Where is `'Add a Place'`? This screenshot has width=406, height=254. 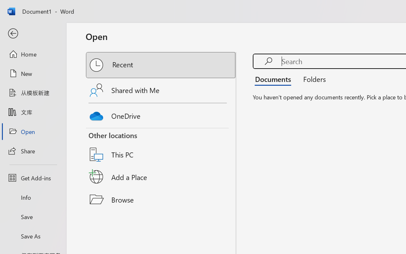 'Add a Place' is located at coordinates (161, 177).